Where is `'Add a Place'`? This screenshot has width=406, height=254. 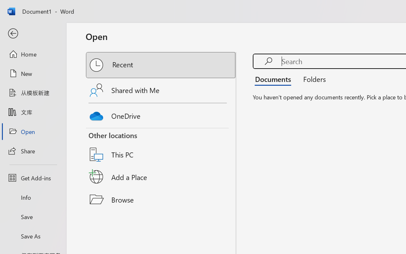 'Add a Place' is located at coordinates (161, 177).